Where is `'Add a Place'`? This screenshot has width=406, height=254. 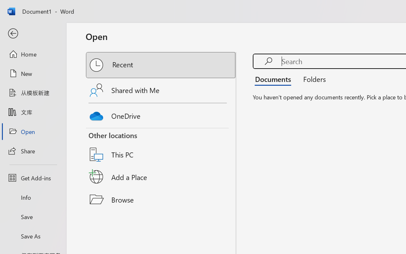 'Add a Place' is located at coordinates (161, 177).